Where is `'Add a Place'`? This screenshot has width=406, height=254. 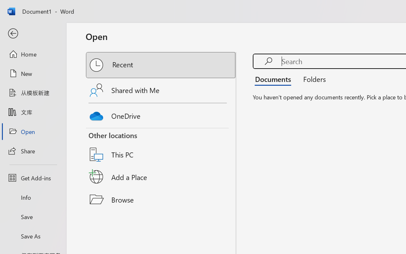 'Add a Place' is located at coordinates (161, 177).